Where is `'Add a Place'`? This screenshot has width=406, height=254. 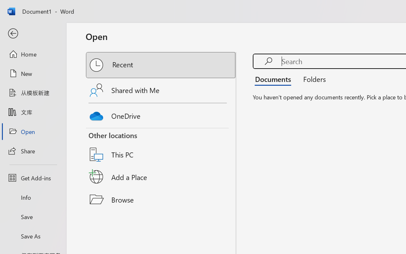 'Add a Place' is located at coordinates (161, 177).